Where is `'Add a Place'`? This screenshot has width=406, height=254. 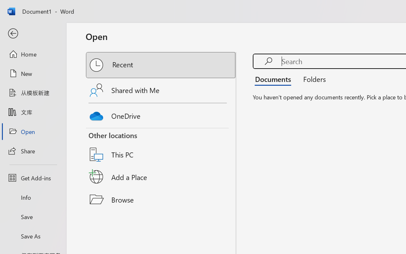 'Add a Place' is located at coordinates (161, 177).